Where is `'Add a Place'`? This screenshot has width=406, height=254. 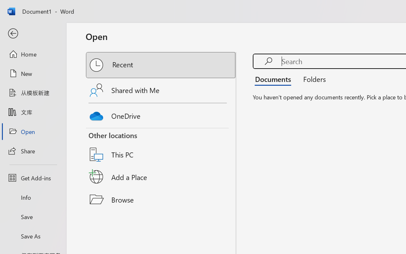 'Add a Place' is located at coordinates (161, 177).